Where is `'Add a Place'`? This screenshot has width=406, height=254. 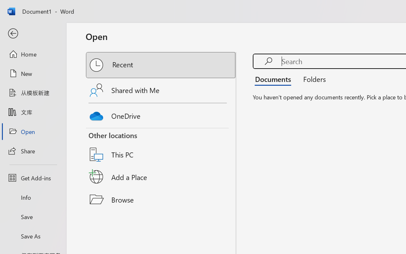 'Add a Place' is located at coordinates (161, 177).